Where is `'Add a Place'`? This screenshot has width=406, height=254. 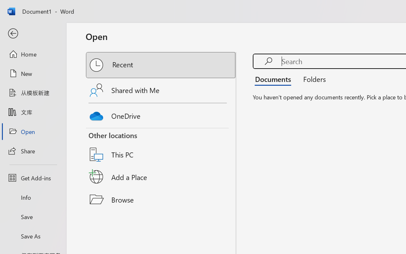 'Add a Place' is located at coordinates (161, 177).